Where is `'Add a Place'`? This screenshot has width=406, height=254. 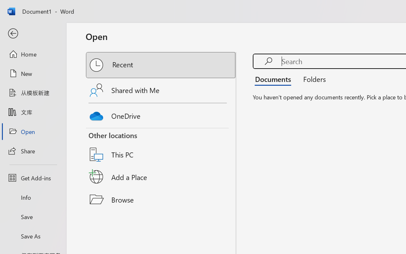 'Add a Place' is located at coordinates (161, 177).